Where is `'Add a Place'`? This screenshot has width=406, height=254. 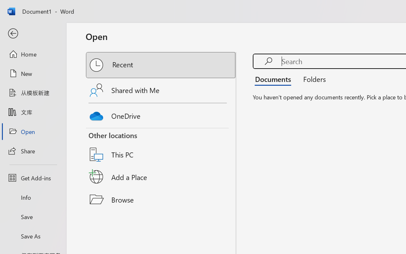 'Add a Place' is located at coordinates (161, 177).